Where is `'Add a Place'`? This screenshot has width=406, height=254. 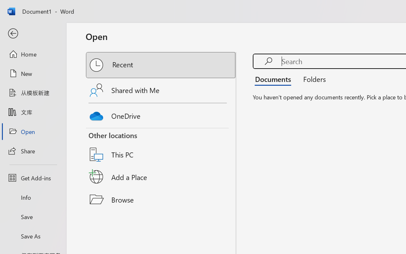 'Add a Place' is located at coordinates (161, 177).